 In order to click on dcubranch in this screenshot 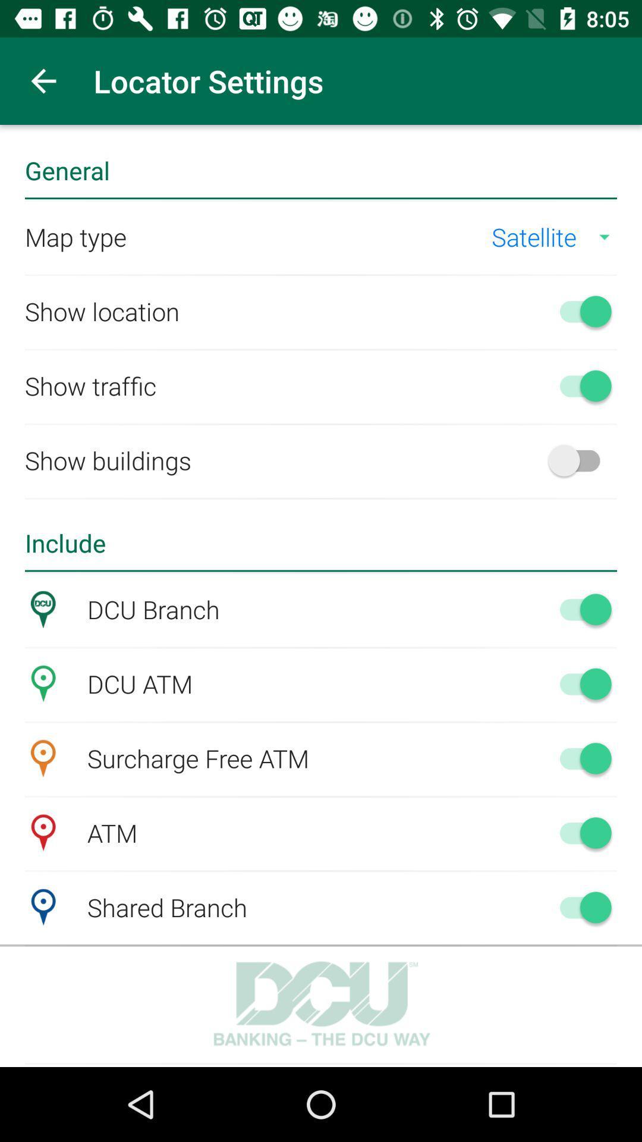, I will do `click(579, 609)`.